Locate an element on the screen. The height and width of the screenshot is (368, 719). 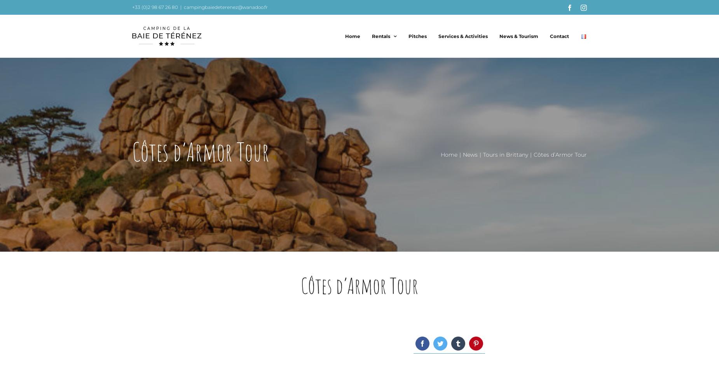
'Loggia 2' is located at coordinates (379, 138).